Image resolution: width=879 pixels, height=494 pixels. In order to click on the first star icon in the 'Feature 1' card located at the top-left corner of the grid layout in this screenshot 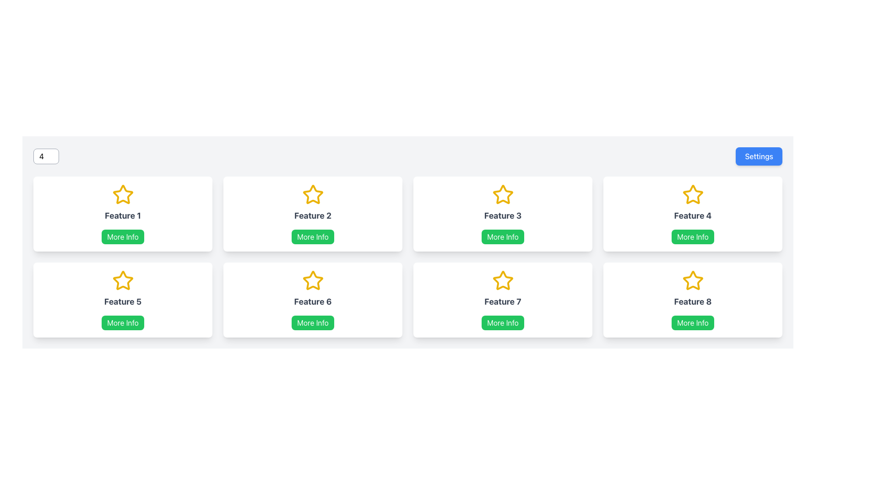, I will do `click(122, 194)`.